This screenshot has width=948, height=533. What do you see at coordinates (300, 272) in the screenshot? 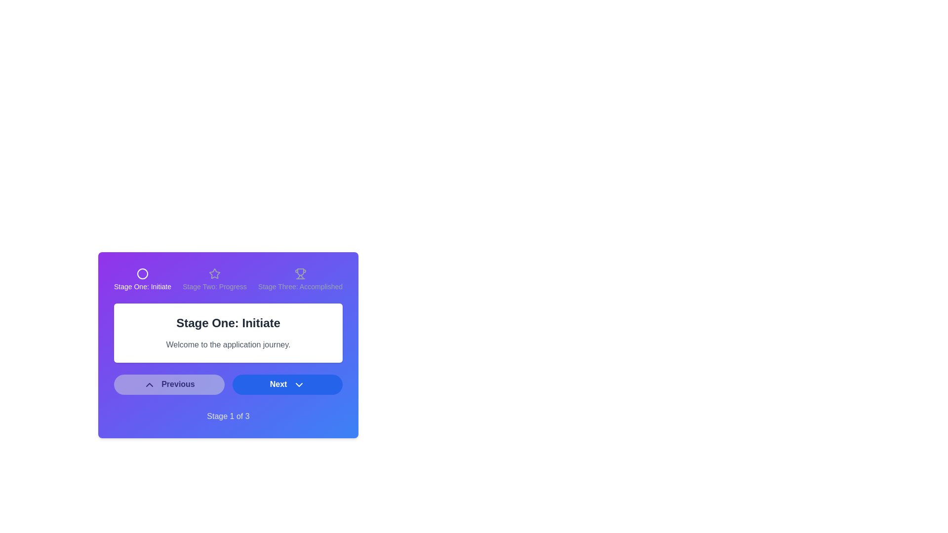
I see `the upper main portion of the trophy icon representing the 'Stage Three: Accomplished' state in the top-right information panel of the interface` at bounding box center [300, 272].